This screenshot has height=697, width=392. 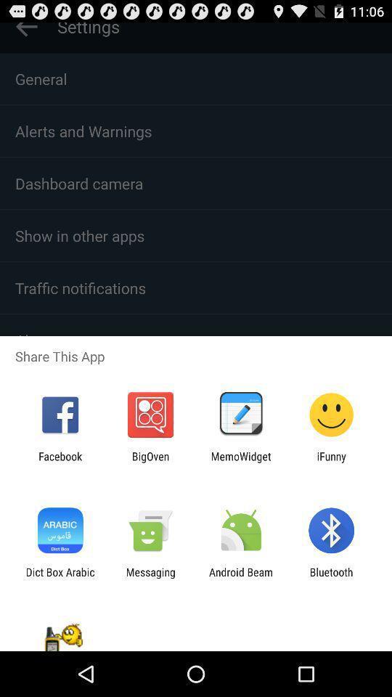 I want to click on the bluetooth icon, so click(x=331, y=578).